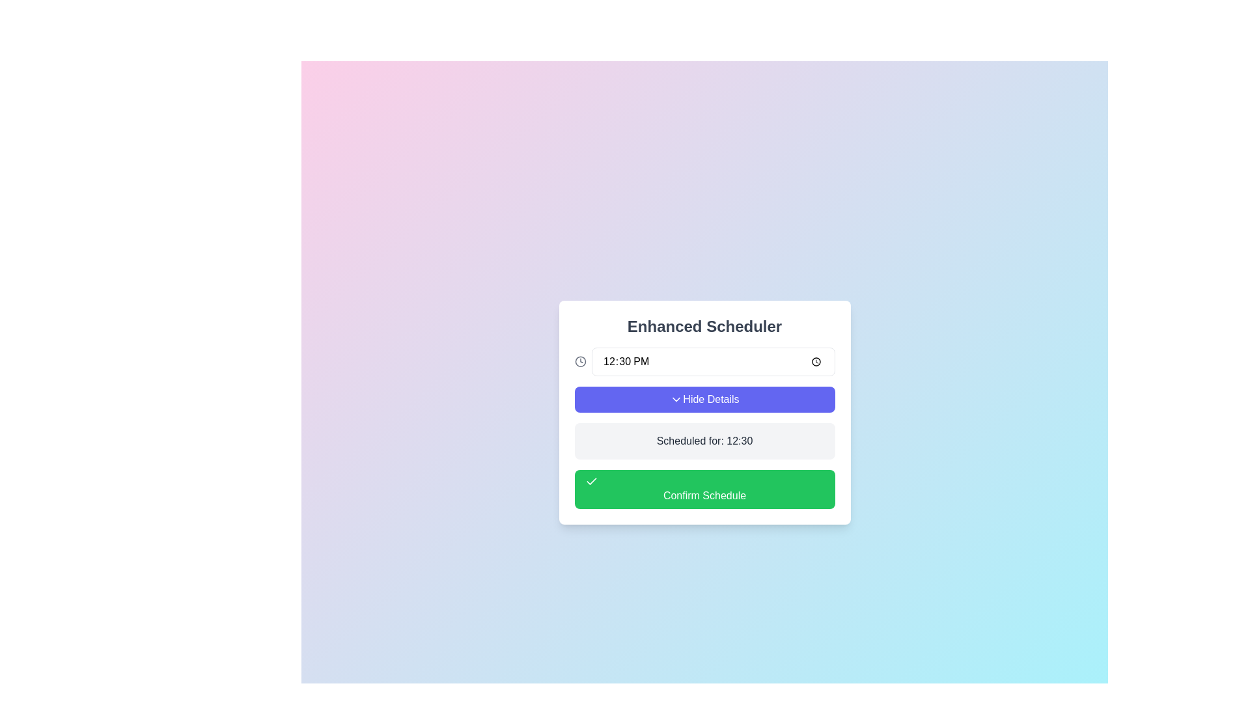 The image size is (1250, 703). Describe the element at coordinates (579, 361) in the screenshot. I see `the clock icon located on the right side of the time input field ('12:30 PM') within the scheduler card` at that location.